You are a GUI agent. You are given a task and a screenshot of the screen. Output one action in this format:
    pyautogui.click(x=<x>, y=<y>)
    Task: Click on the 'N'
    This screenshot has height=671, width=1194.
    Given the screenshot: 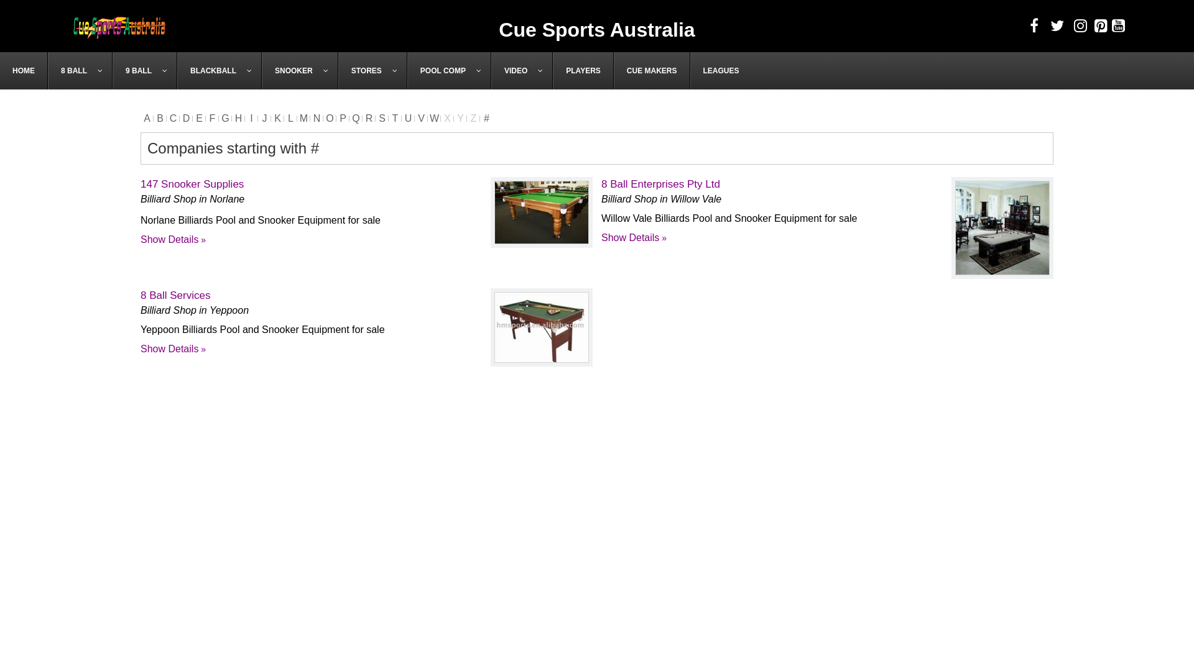 What is the action you would take?
    pyautogui.click(x=317, y=118)
    